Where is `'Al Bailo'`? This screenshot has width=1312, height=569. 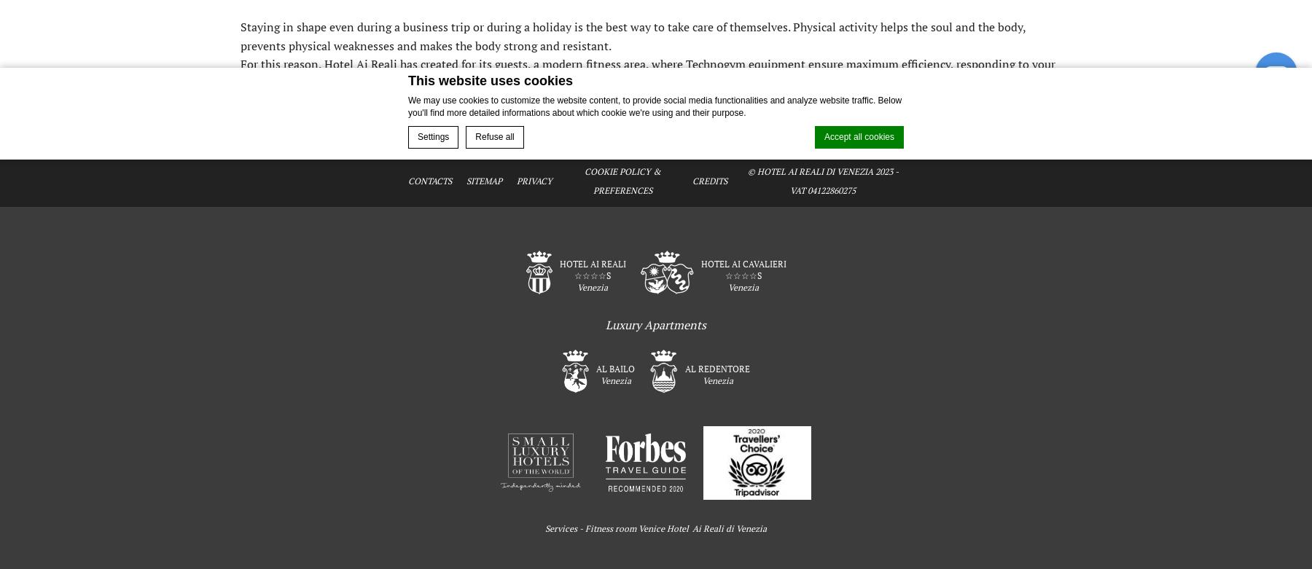
'Al Bailo' is located at coordinates (596, 367).